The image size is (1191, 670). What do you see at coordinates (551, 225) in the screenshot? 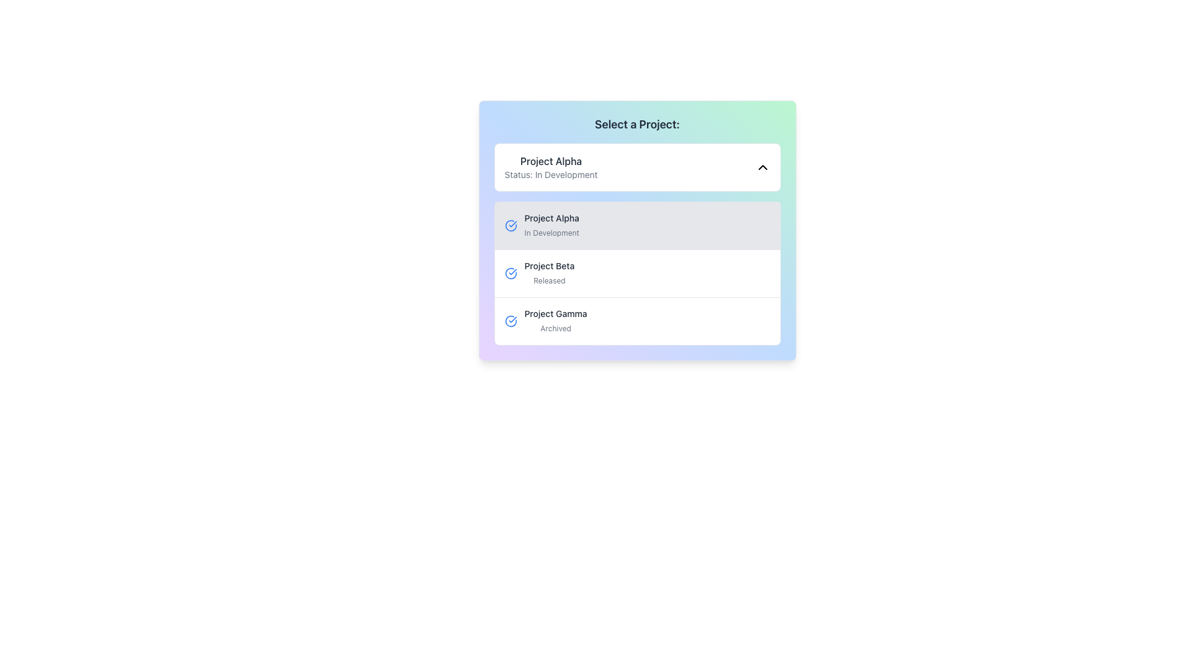
I see `on the text block representing the project "Project Alpha" with status "In Development" in the selection list under the title "Select a Project:"` at bounding box center [551, 225].